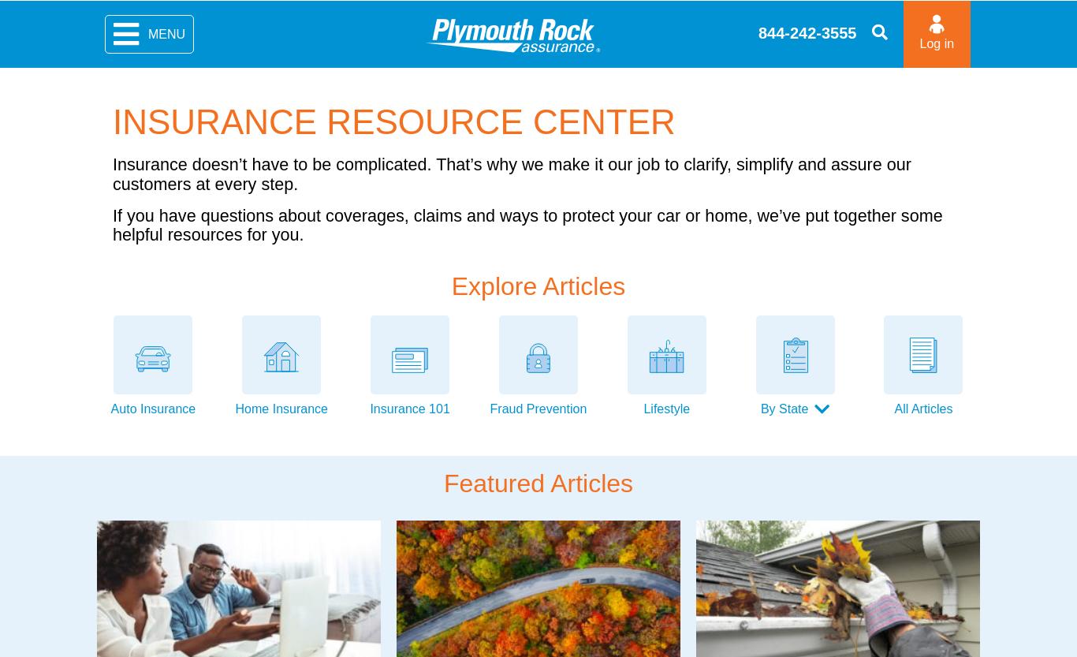 Image resolution: width=1077 pixels, height=657 pixels. What do you see at coordinates (537, 483) in the screenshot?
I see `'Featured Articles'` at bounding box center [537, 483].